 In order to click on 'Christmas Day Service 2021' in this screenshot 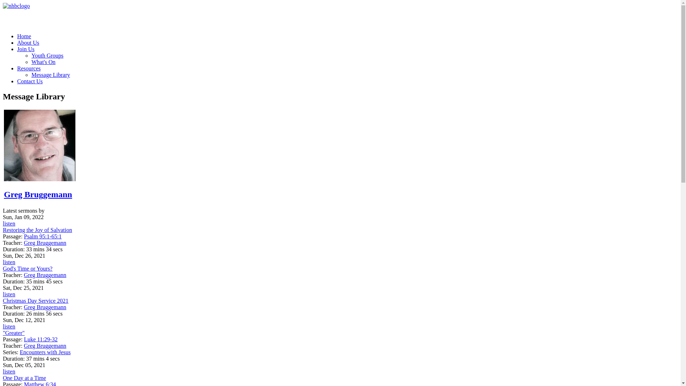, I will do `click(35, 301)`.